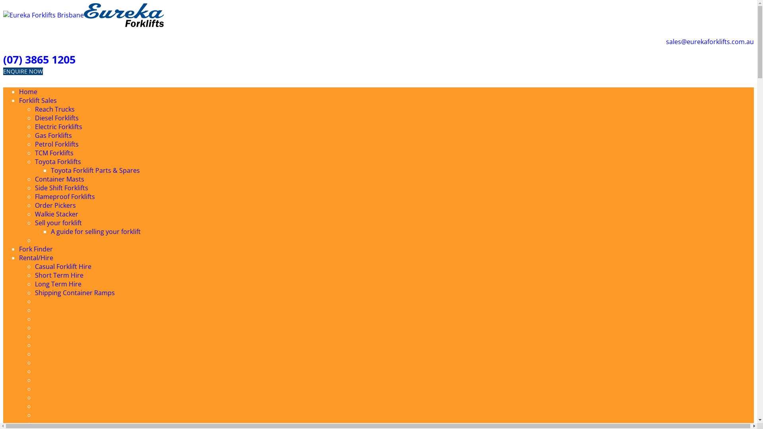 The height and width of the screenshot is (429, 763). What do you see at coordinates (50, 170) in the screenshot?
I see `'Toyota Forklift Parts & Spares'` at bounding box center [50, 170].